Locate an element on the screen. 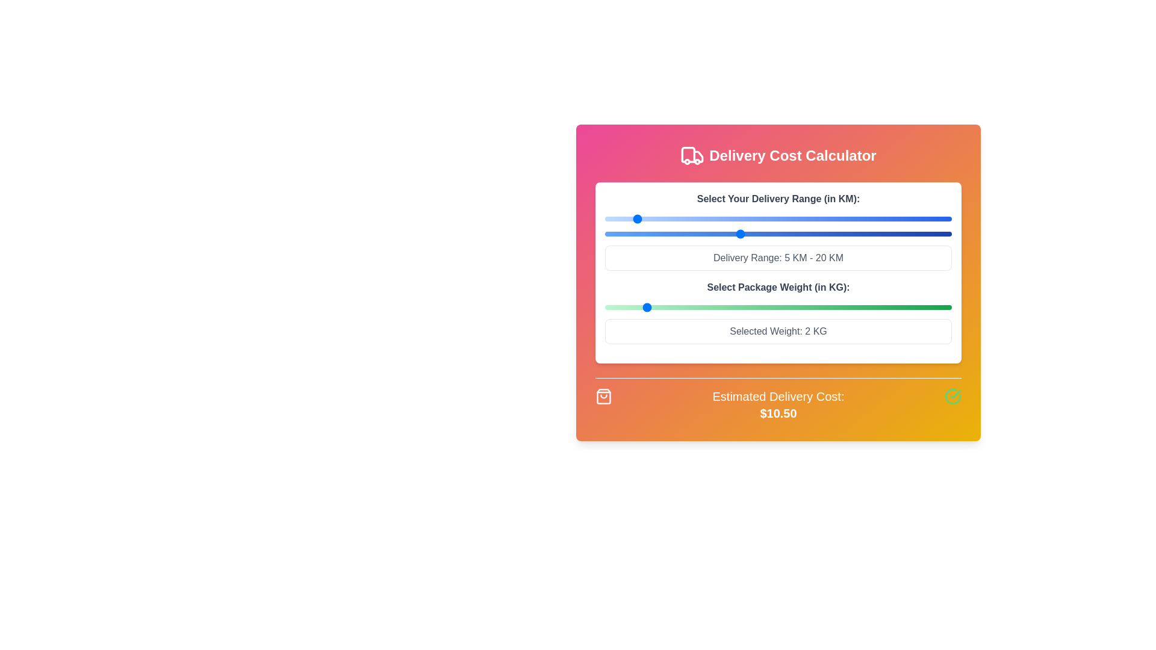 The width and height of the screenshot is (1156, 650). delivery range is located at coordinates (604, 234).